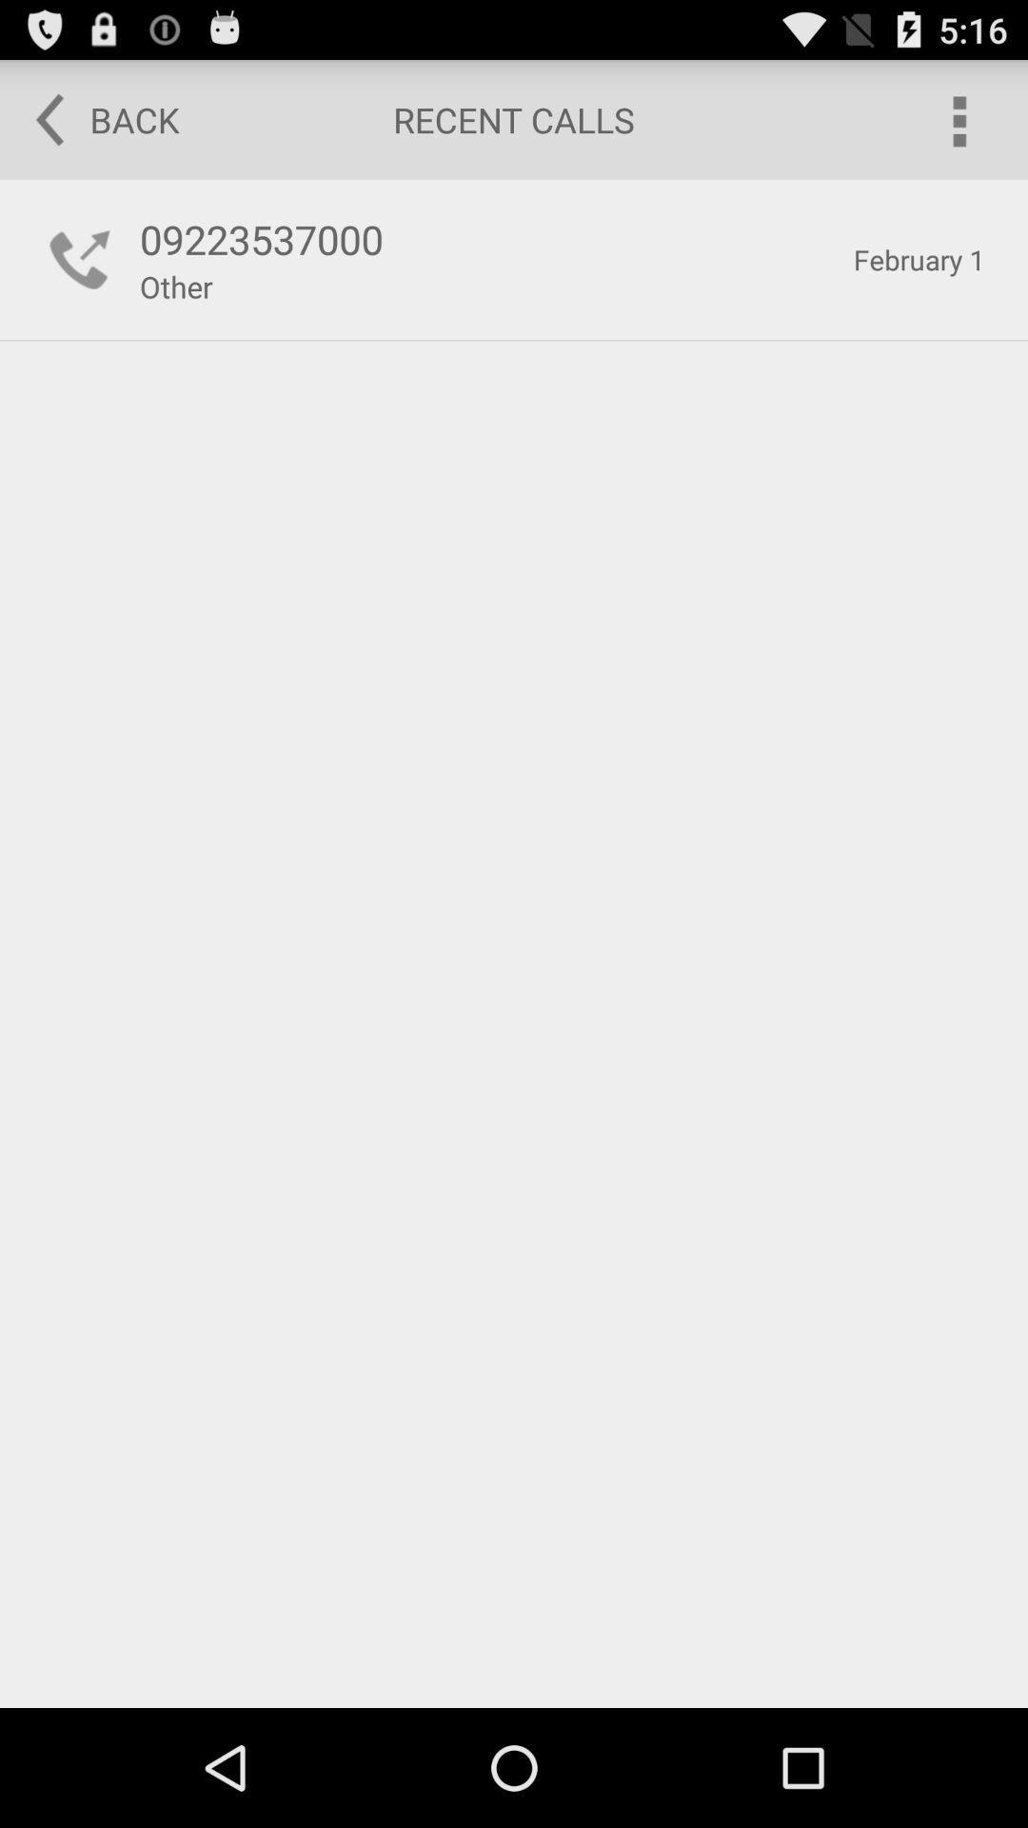 Image resolution: width=1028 pixels, height=1828 pixels. I want to click on button below the back button, so click(485, 238).